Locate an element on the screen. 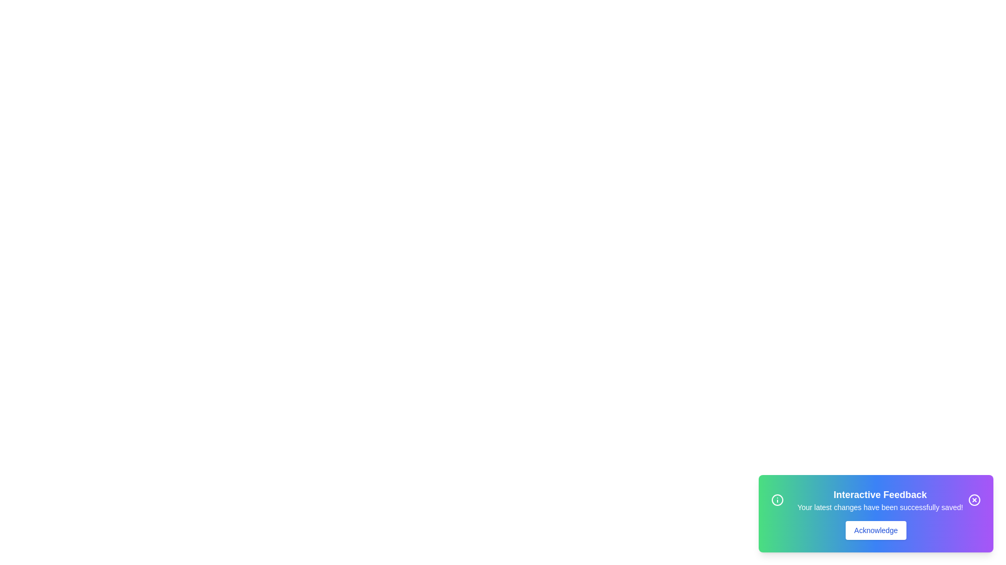 The width and height of the screenshot is (1006, 565). the confirmation button located at the bottom-right corner of the notification card is located at coordinates (876, 530).